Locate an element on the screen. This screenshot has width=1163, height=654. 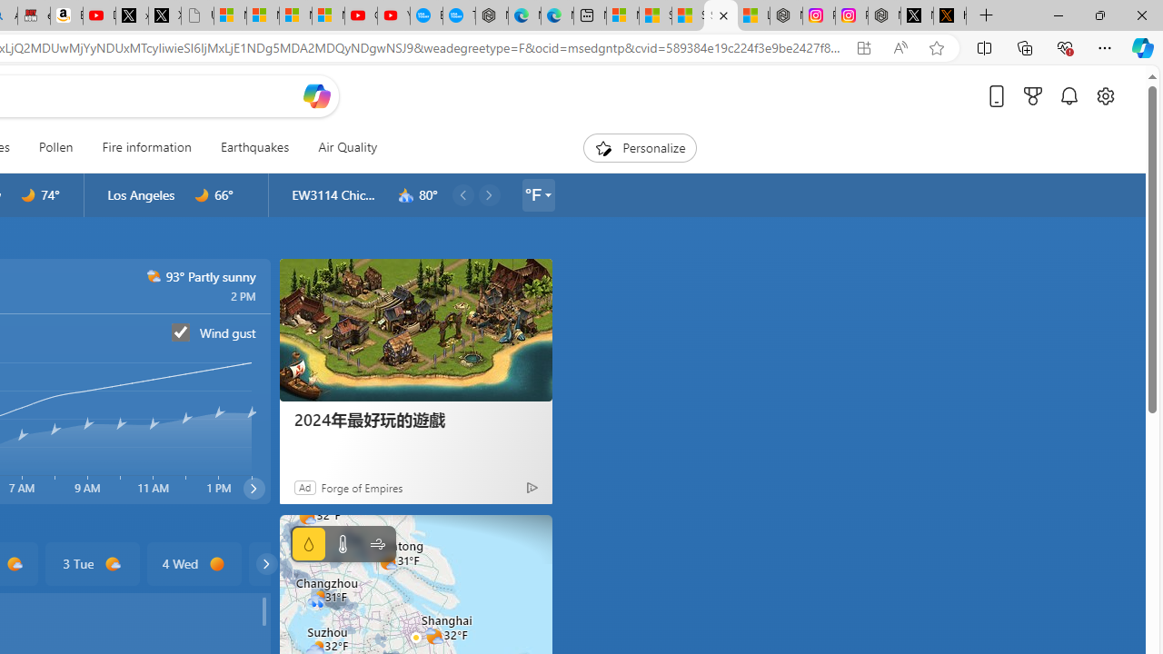
'Microsoft rewards' is located at coordinates (1033, 95).